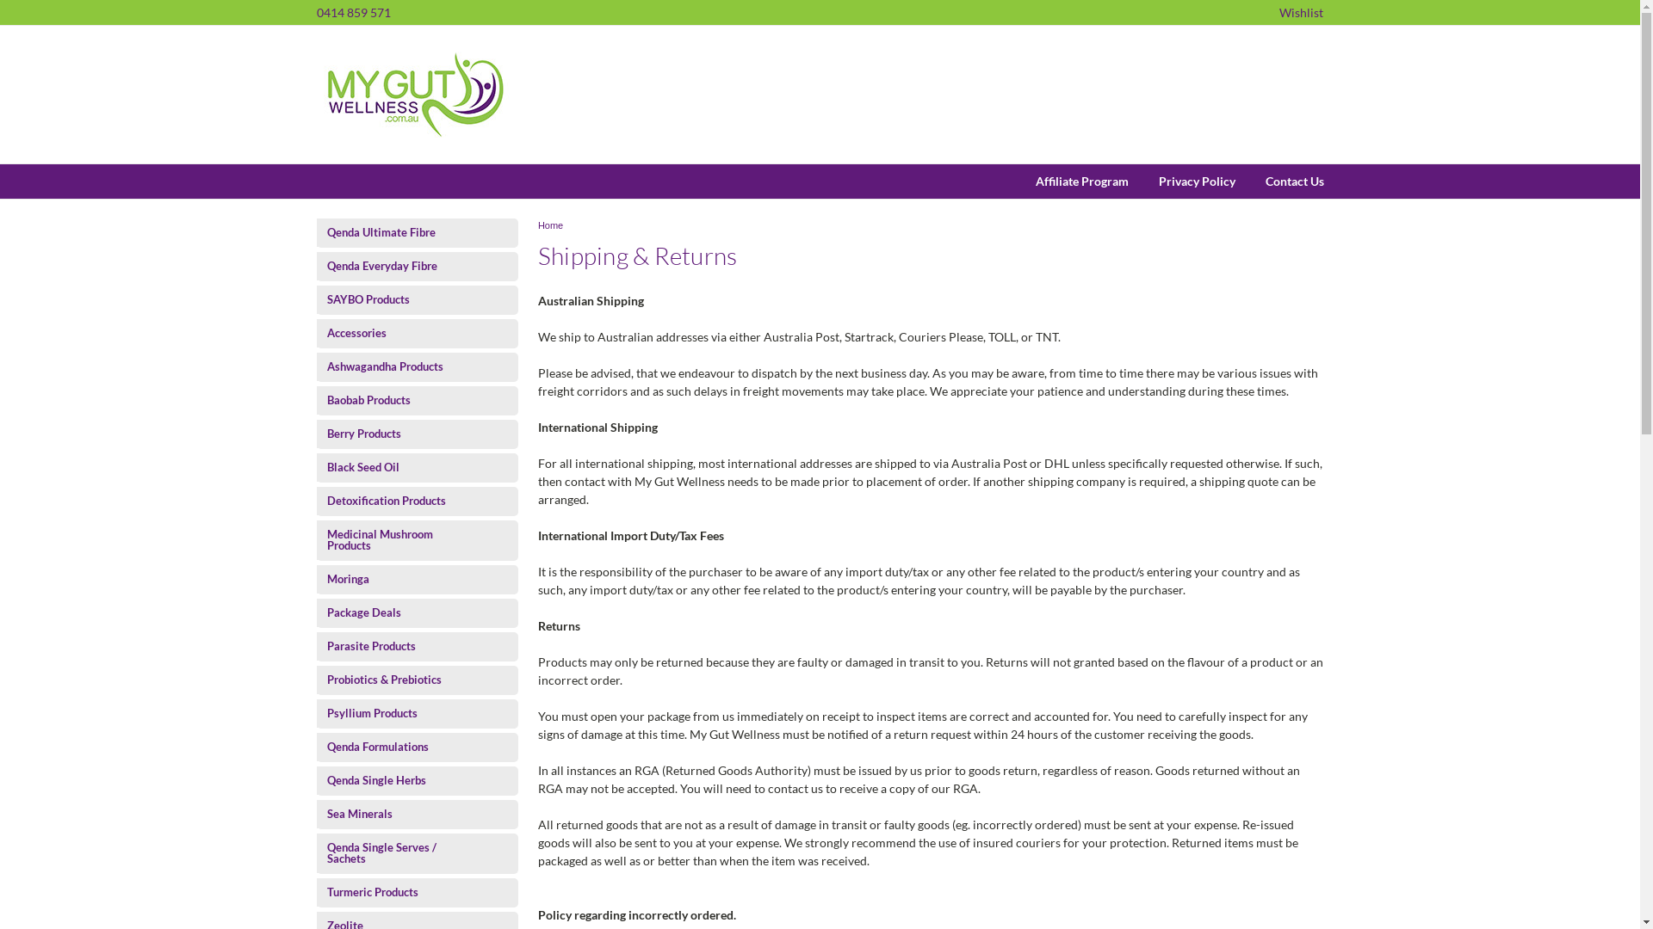 This screenshot has height=929, width=1653. Describe the element at coordinates (401, 646) in the screenshot. I see `'Parasite Products'` at that location.